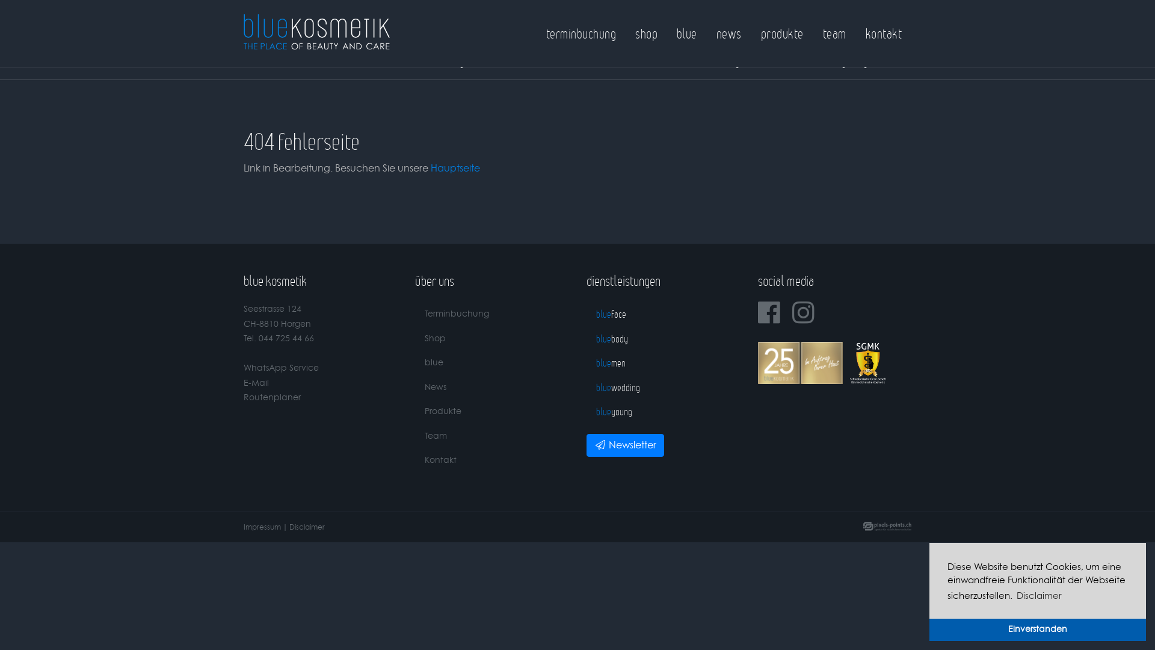 The image size is (1155, 650). What do you see at coordinates (491, 314) in the screenshot?
I see `'Terminbuchung'` at bounding box center [491, 314].